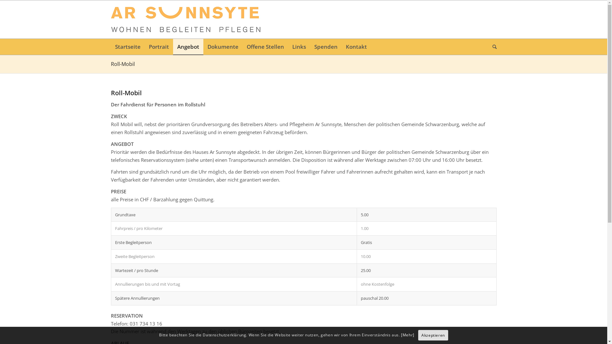 Image resolution: width=612 pixels, height=344 pixels. What do you see at coordinates (144, 46) in the screenshot?
I see `'Portrait'` at bounding box center [144, 46].